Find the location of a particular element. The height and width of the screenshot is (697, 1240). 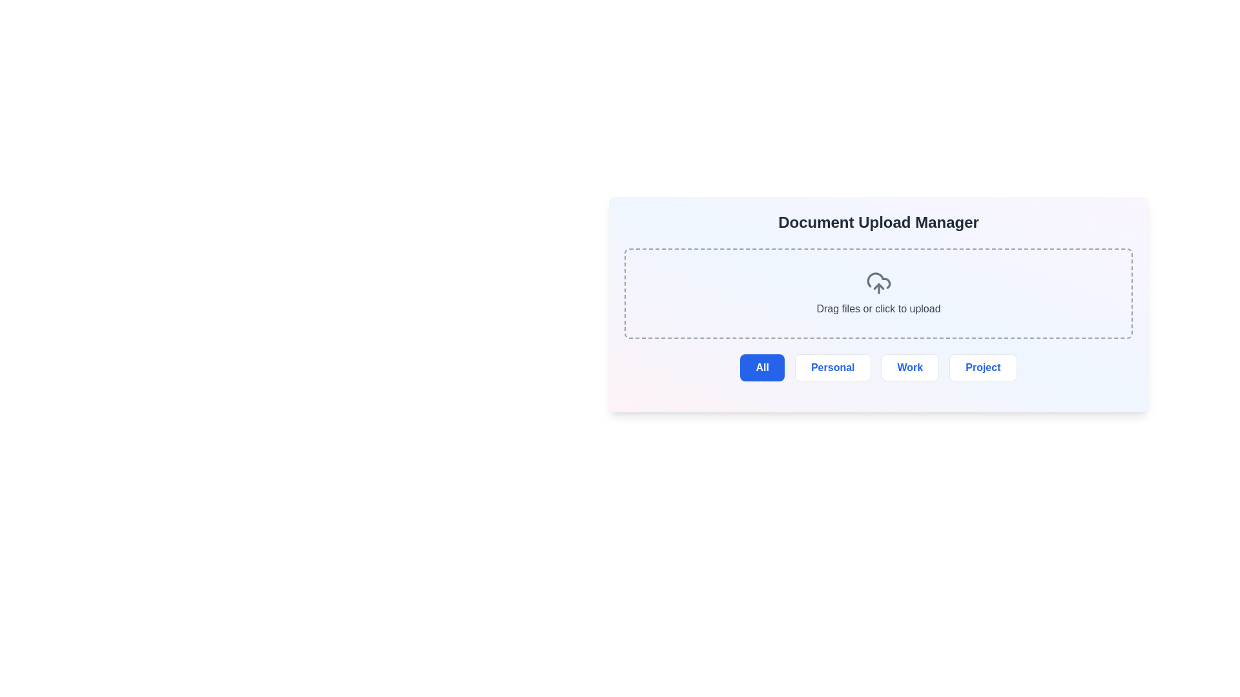

the file upload icon located within the dashed-bordered rectangle titled 'Drag files or click to upload.' is located at coordinates (878, 283).